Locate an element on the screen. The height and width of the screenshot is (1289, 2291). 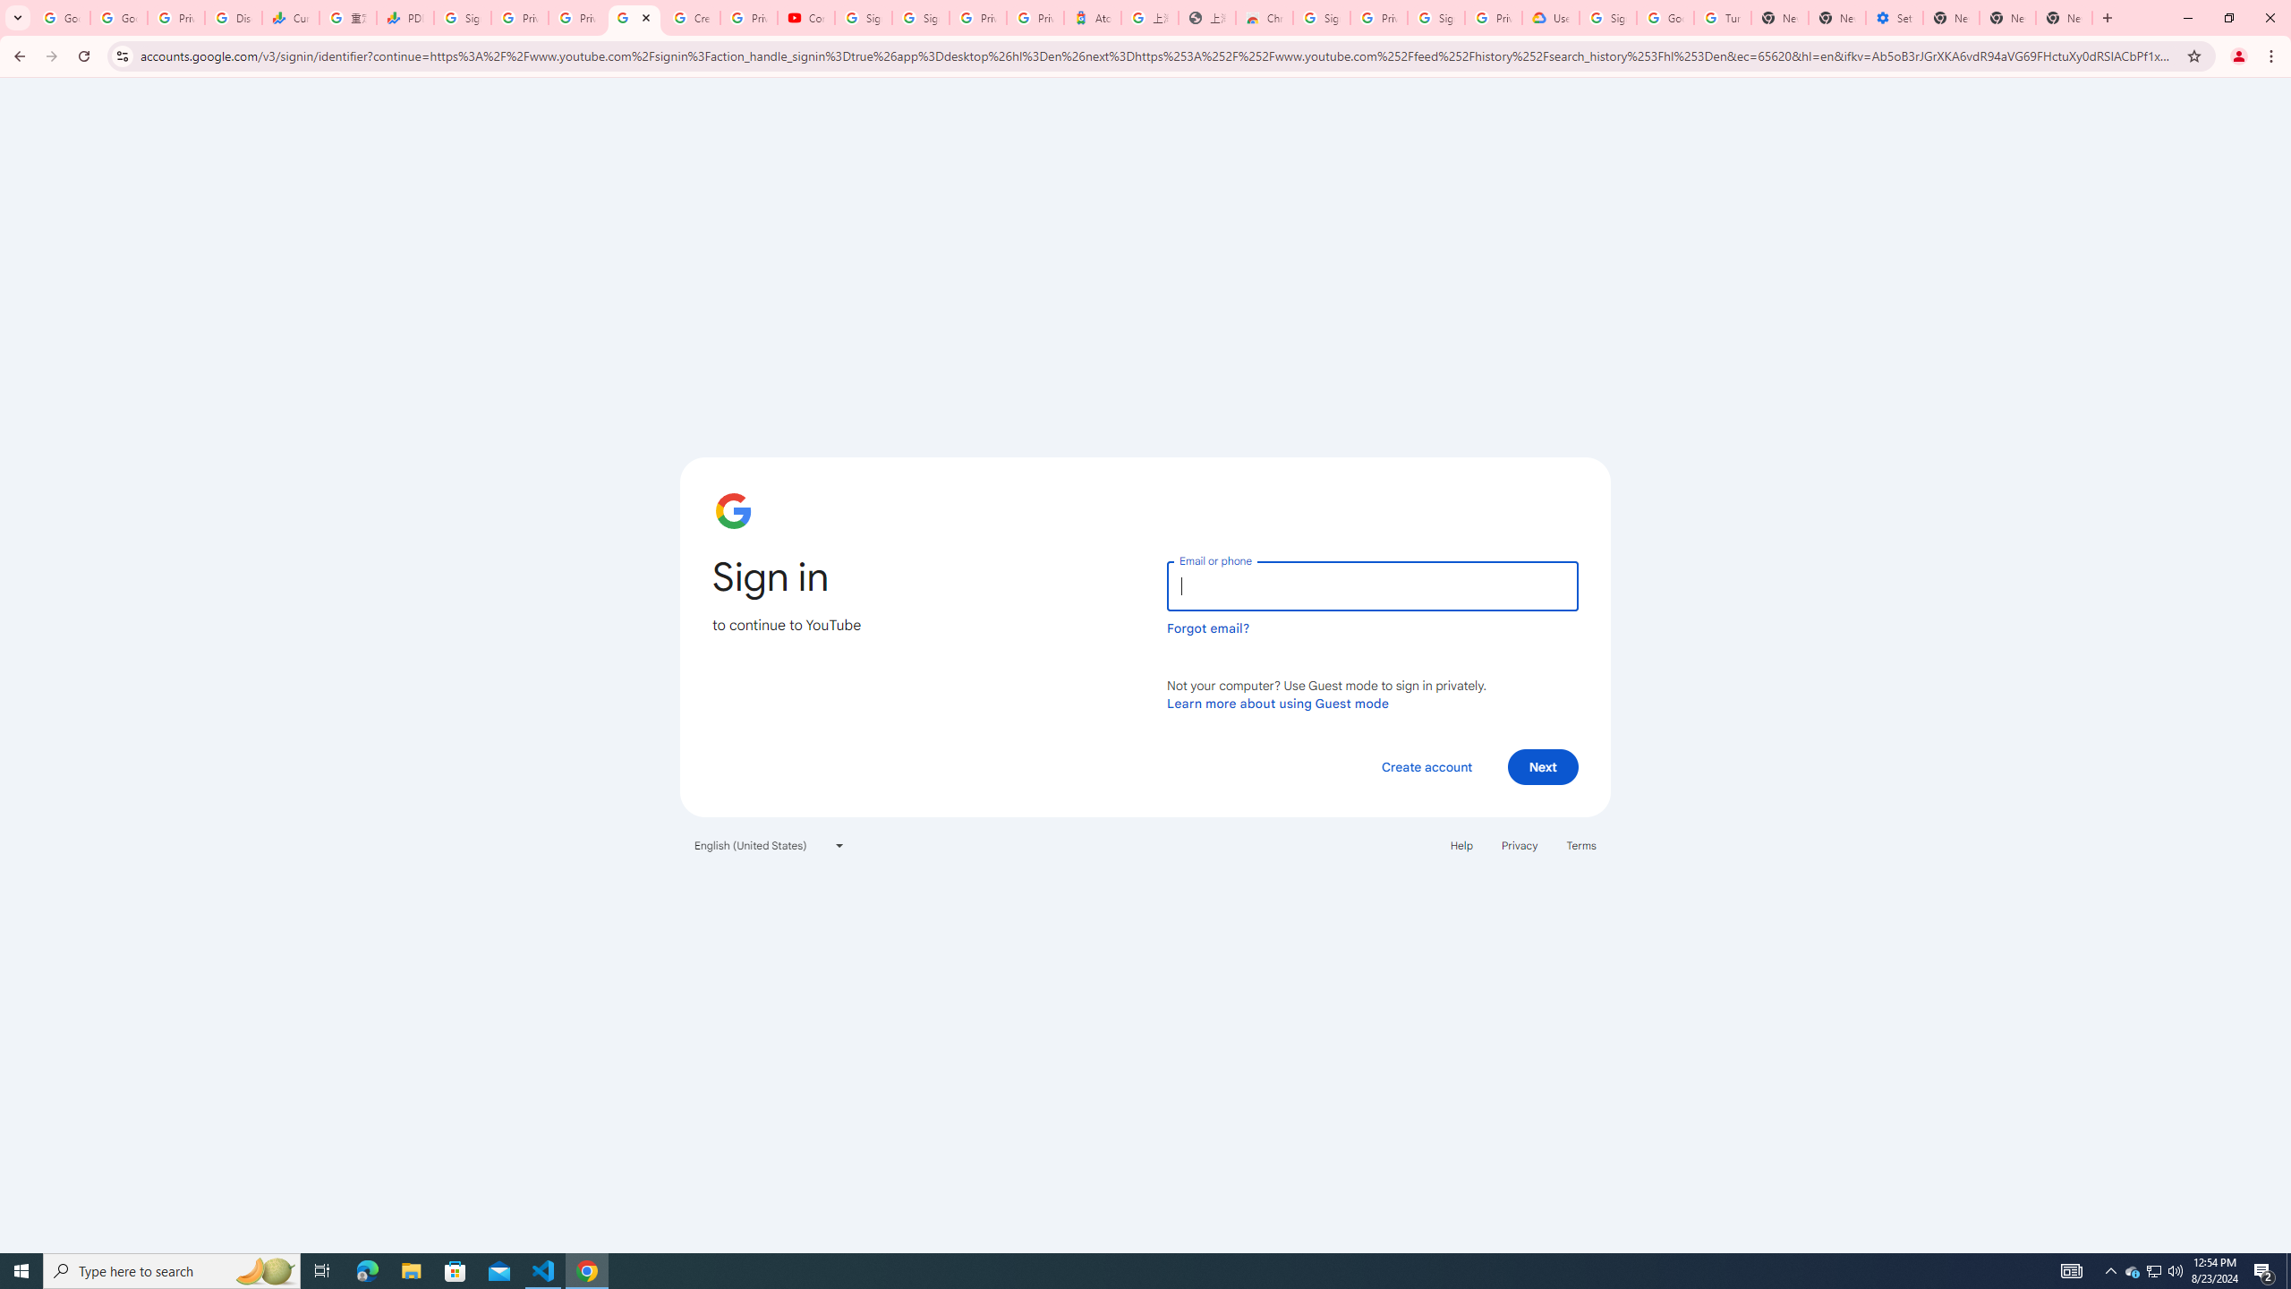
'Google Workspace Admin Community' is located at coordinates (62, 17).